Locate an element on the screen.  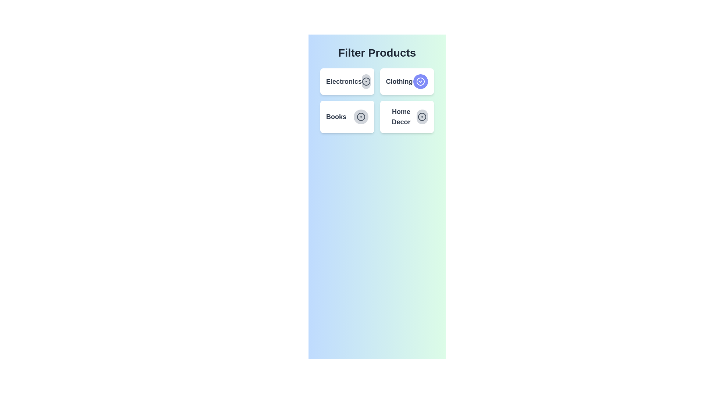
the category Electronics is located at coordinates (366, 82).